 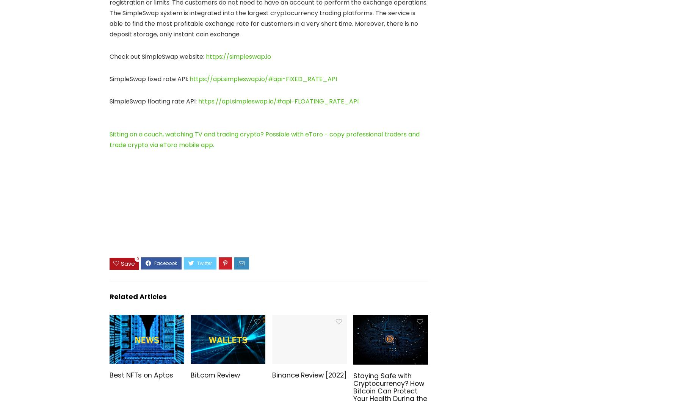 I want to click on 'https://api.simpleswap.io/#api-FIXED_RATE_API', so click(x=263, y=79).